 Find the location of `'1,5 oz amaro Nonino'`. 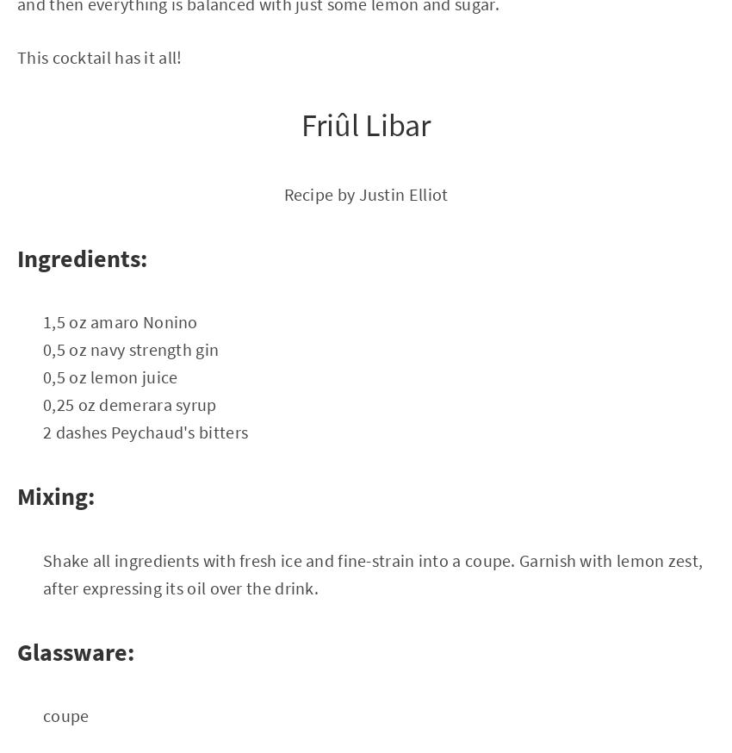

'1,5 oz amaro Nonino' is located at coordinates (120, 321).